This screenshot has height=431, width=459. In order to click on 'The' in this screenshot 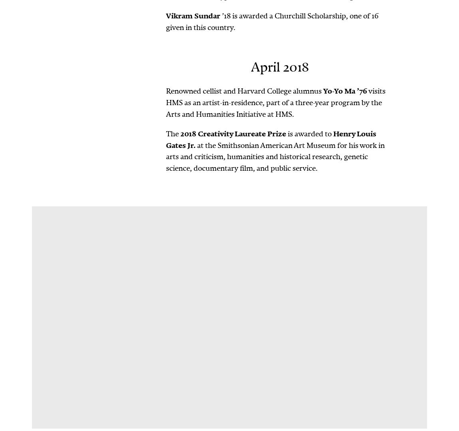, I will do `click(173, 133)`.